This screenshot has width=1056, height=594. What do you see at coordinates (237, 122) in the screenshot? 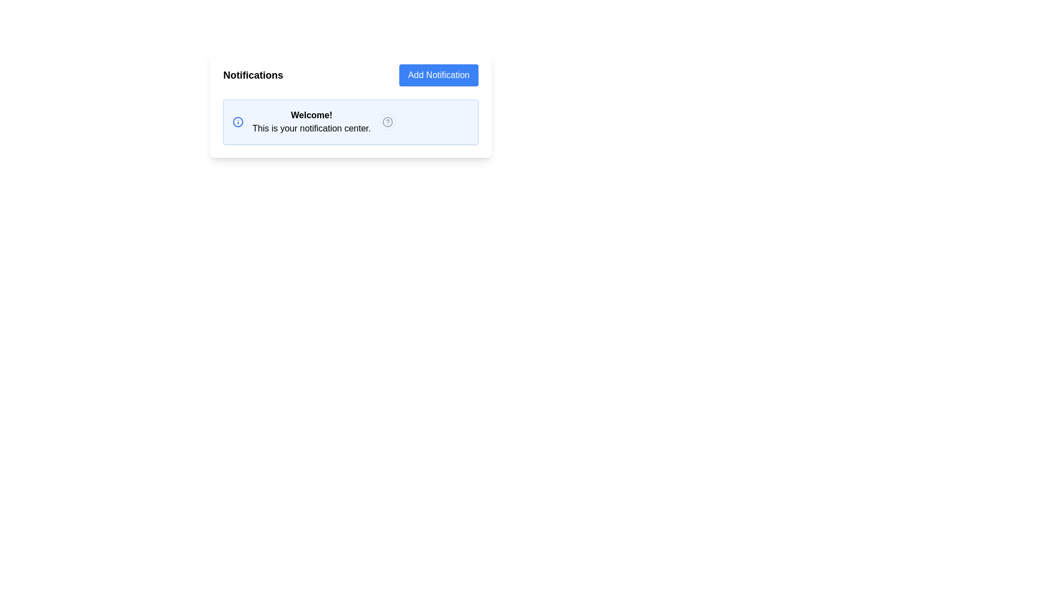
I see `the Informational icon located on the left side of the notification box containing the text 'Welcome! This is your notification center.'` at bounding box center [237, 122].